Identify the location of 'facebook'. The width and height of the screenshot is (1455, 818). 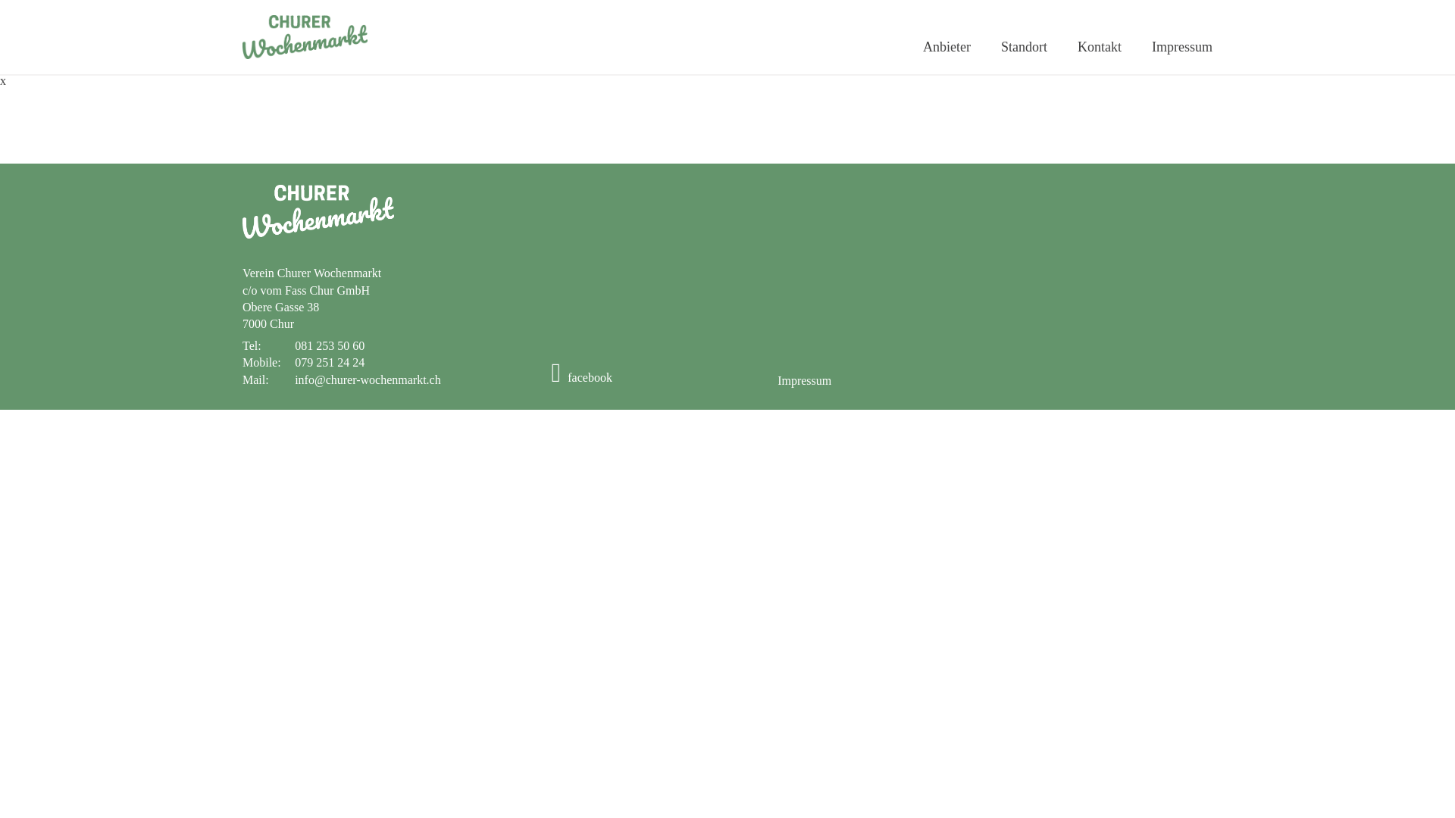
(580, 376).